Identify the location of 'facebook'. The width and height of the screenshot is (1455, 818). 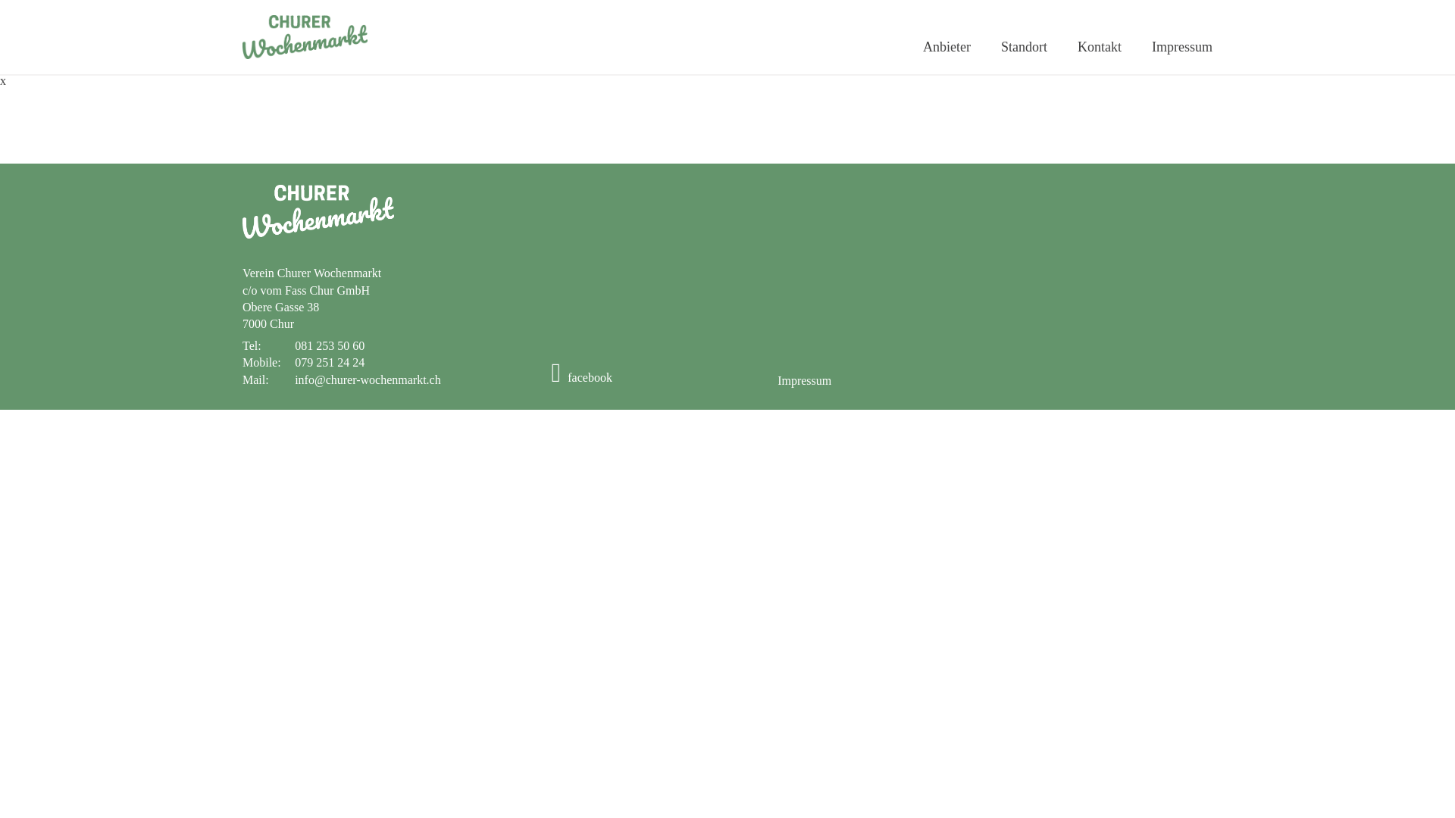
(580, 376).